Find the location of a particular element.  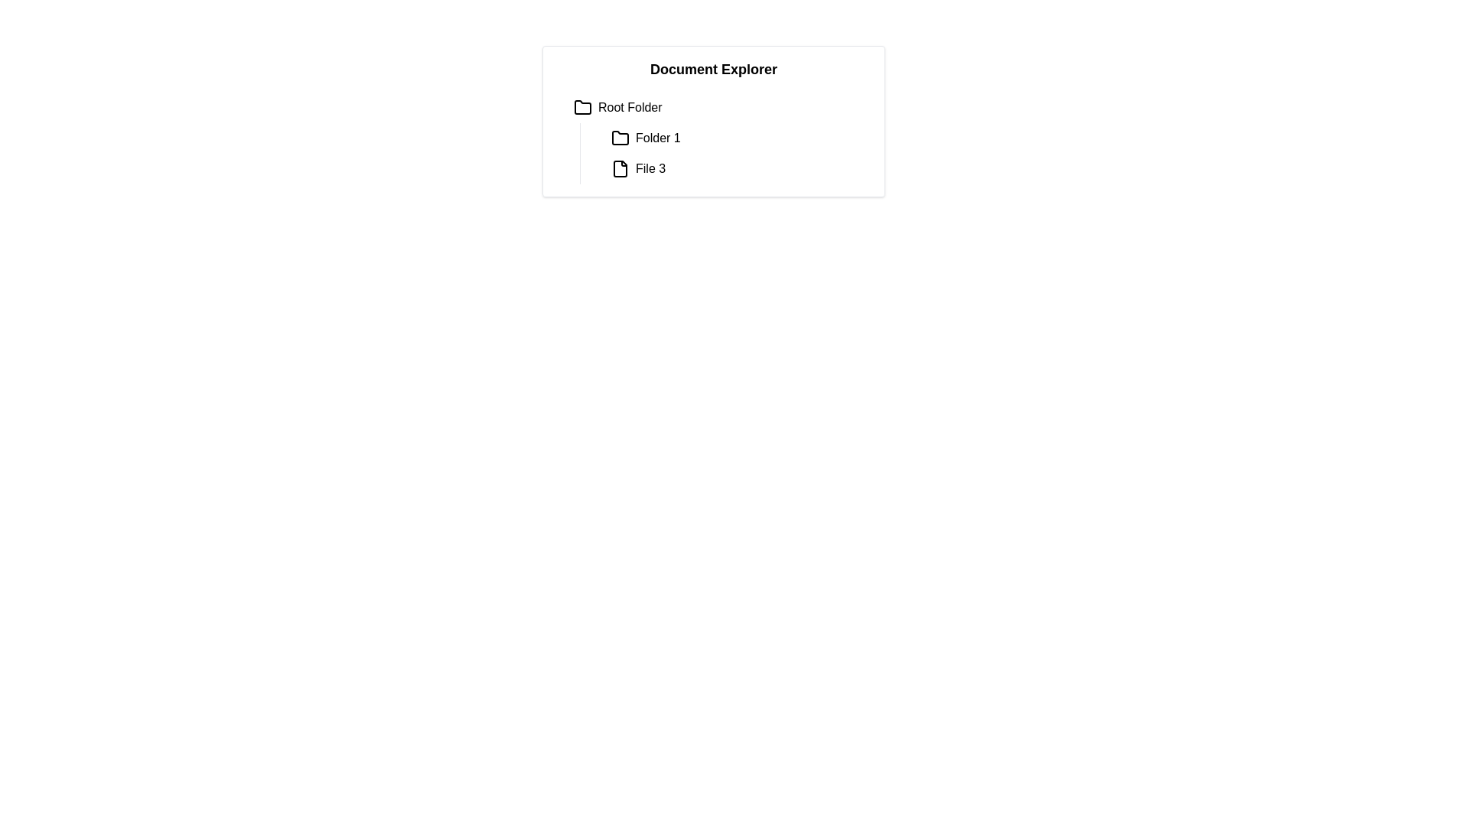

on the list item representing the folder named 'Folder 1' in the document explorer is located at coordinates (738, 138).